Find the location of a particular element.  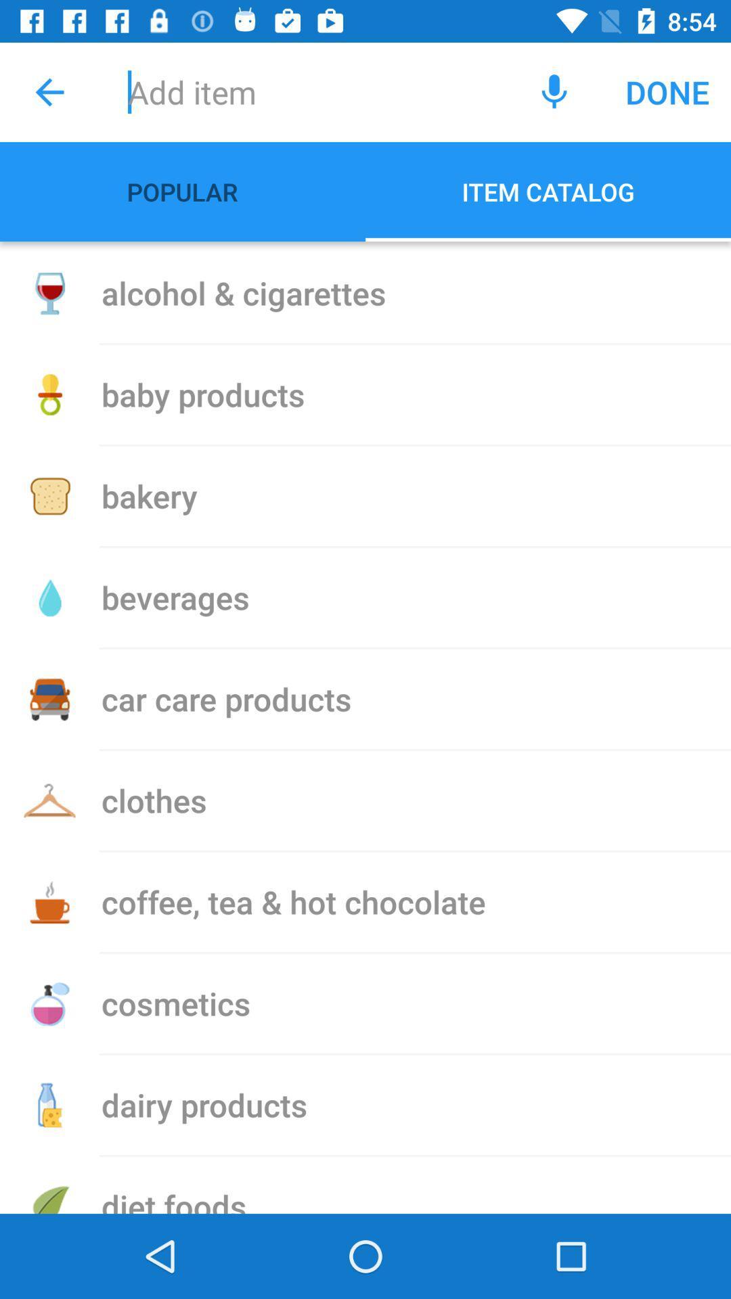

the icon beside clothes is located at coordinates (49, 801).